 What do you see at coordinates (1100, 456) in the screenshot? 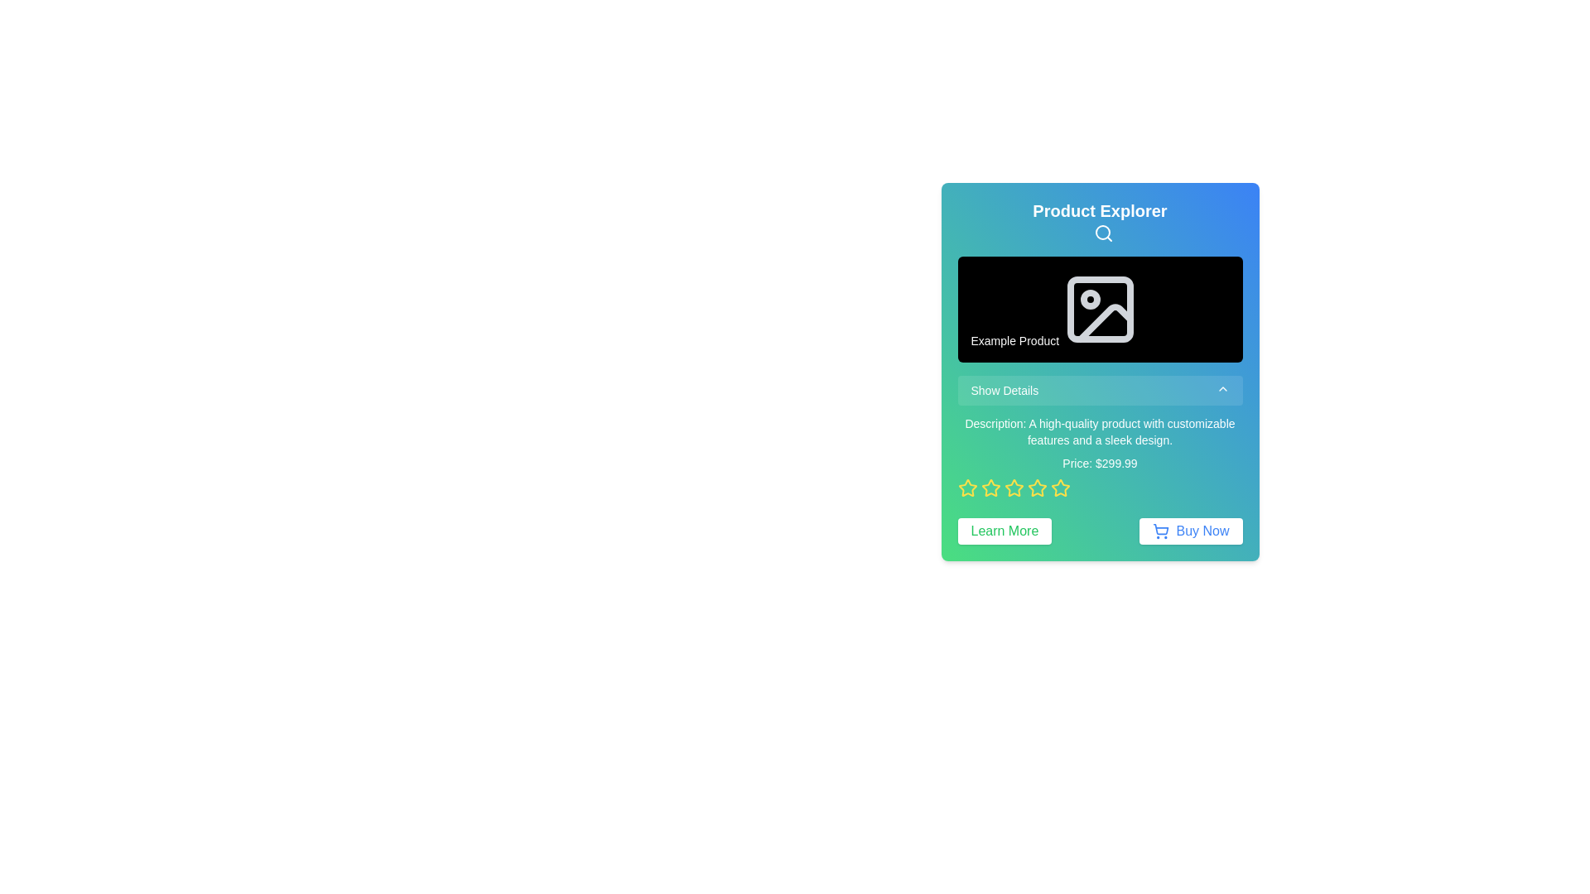
I see `the text display that contains product information, positioned below the 'Show Details' button and above the star icons` at bounding box center [1100, 456].